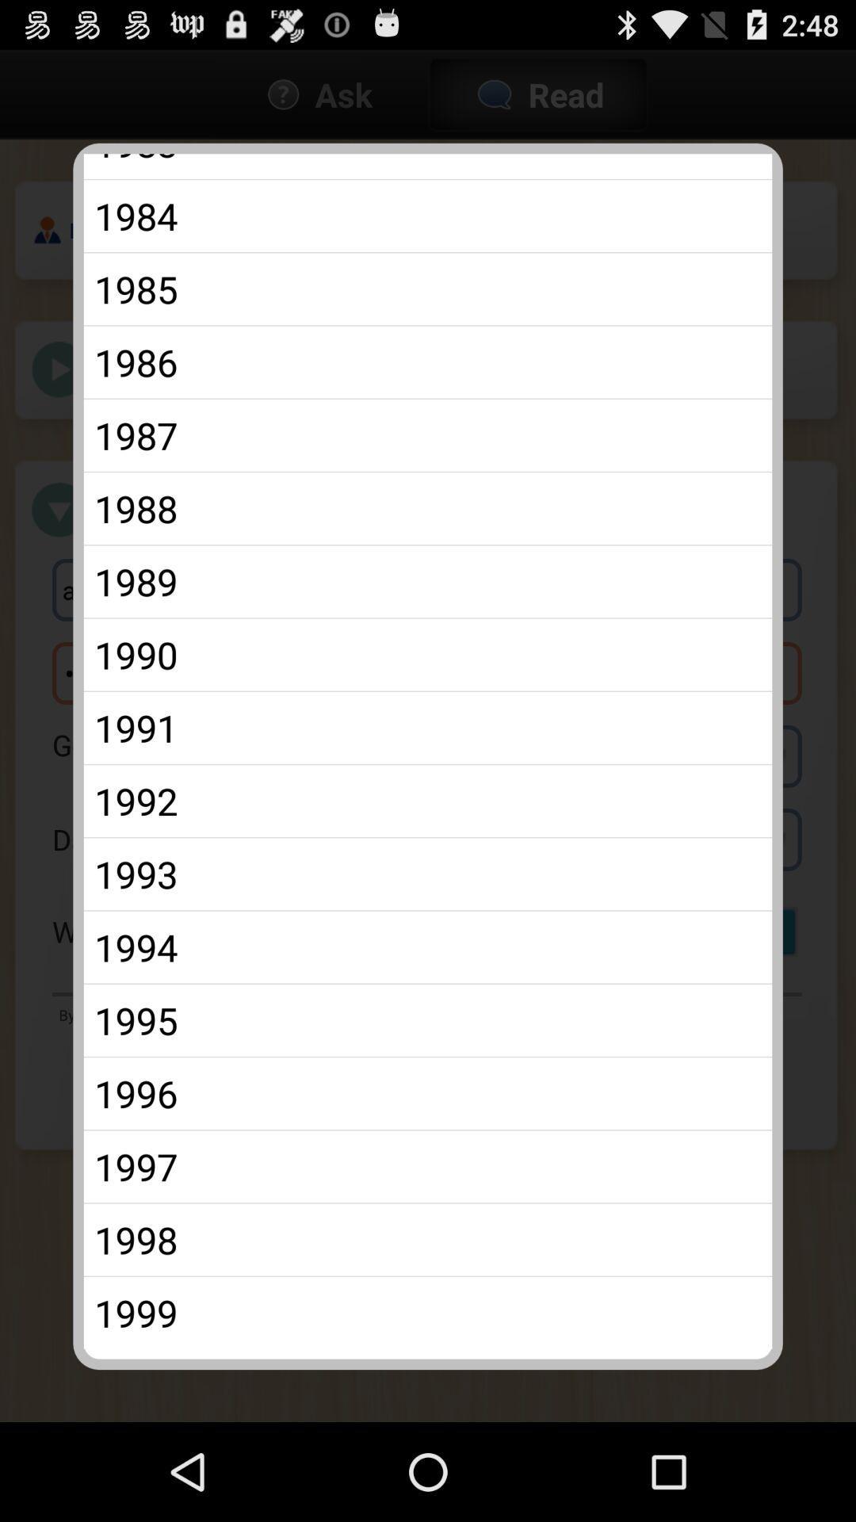  What do you see at coordinates (428, 1020) in the screenshot?
I see `the app above 1996 item` at bounding box center [428, 1020].